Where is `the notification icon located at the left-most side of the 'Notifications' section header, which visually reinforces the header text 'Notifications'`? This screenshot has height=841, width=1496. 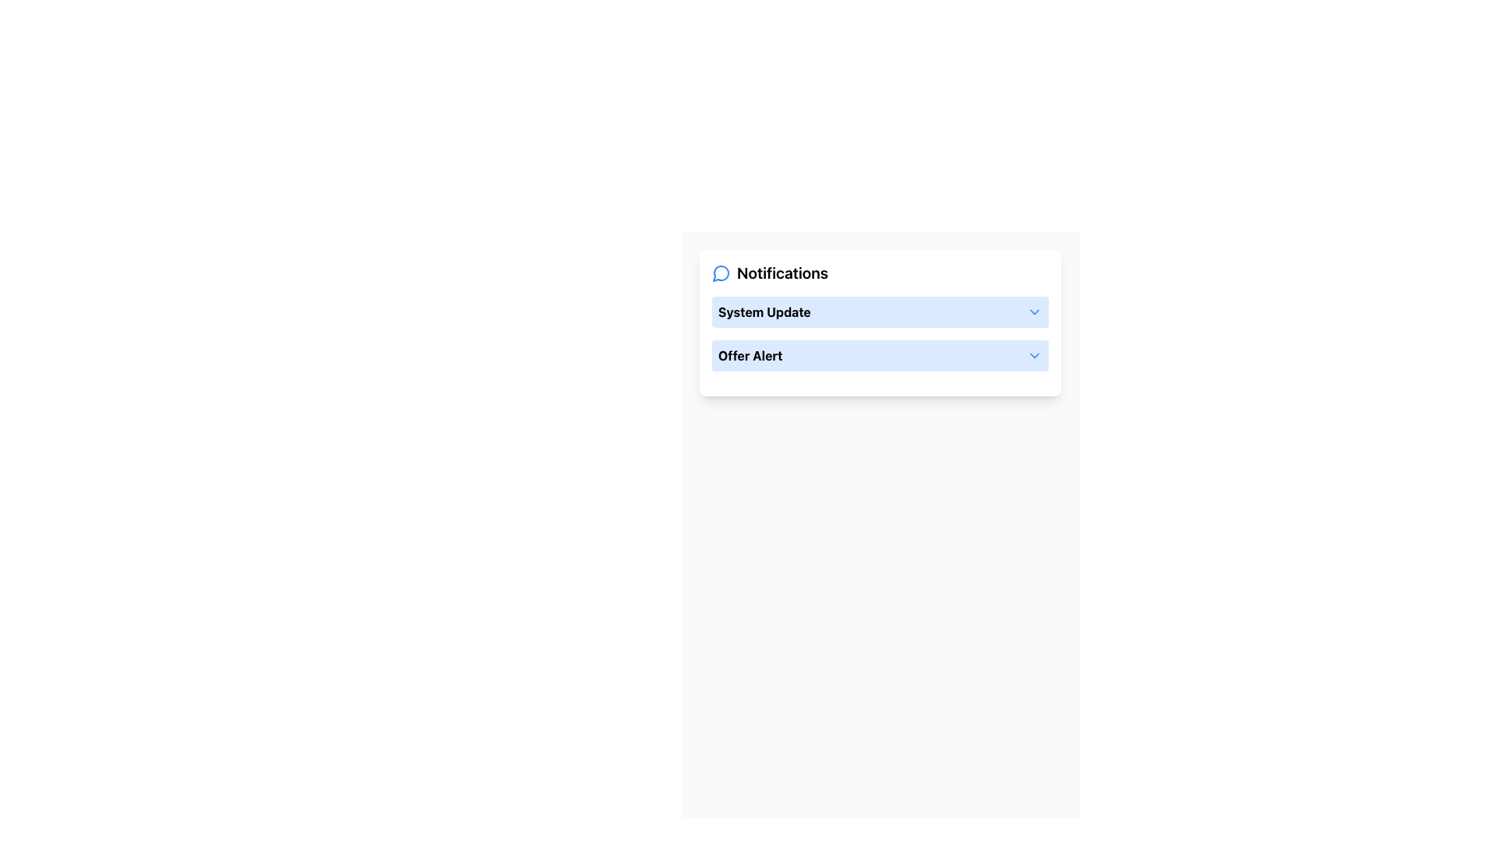
the notification icon located at the left-most side of the 'Notifications' section header, which visually reinforces the header text 'Notifications' is located at coordinates (721, 273).